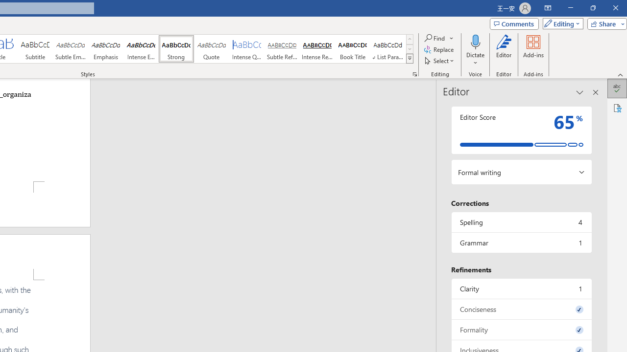 The height and width of the screenshot is (352, 627). What do you see at coordinates (70, 49) in the screenshot?
I see `'Subtle Emphasis'` at bounding box center [70, 49].